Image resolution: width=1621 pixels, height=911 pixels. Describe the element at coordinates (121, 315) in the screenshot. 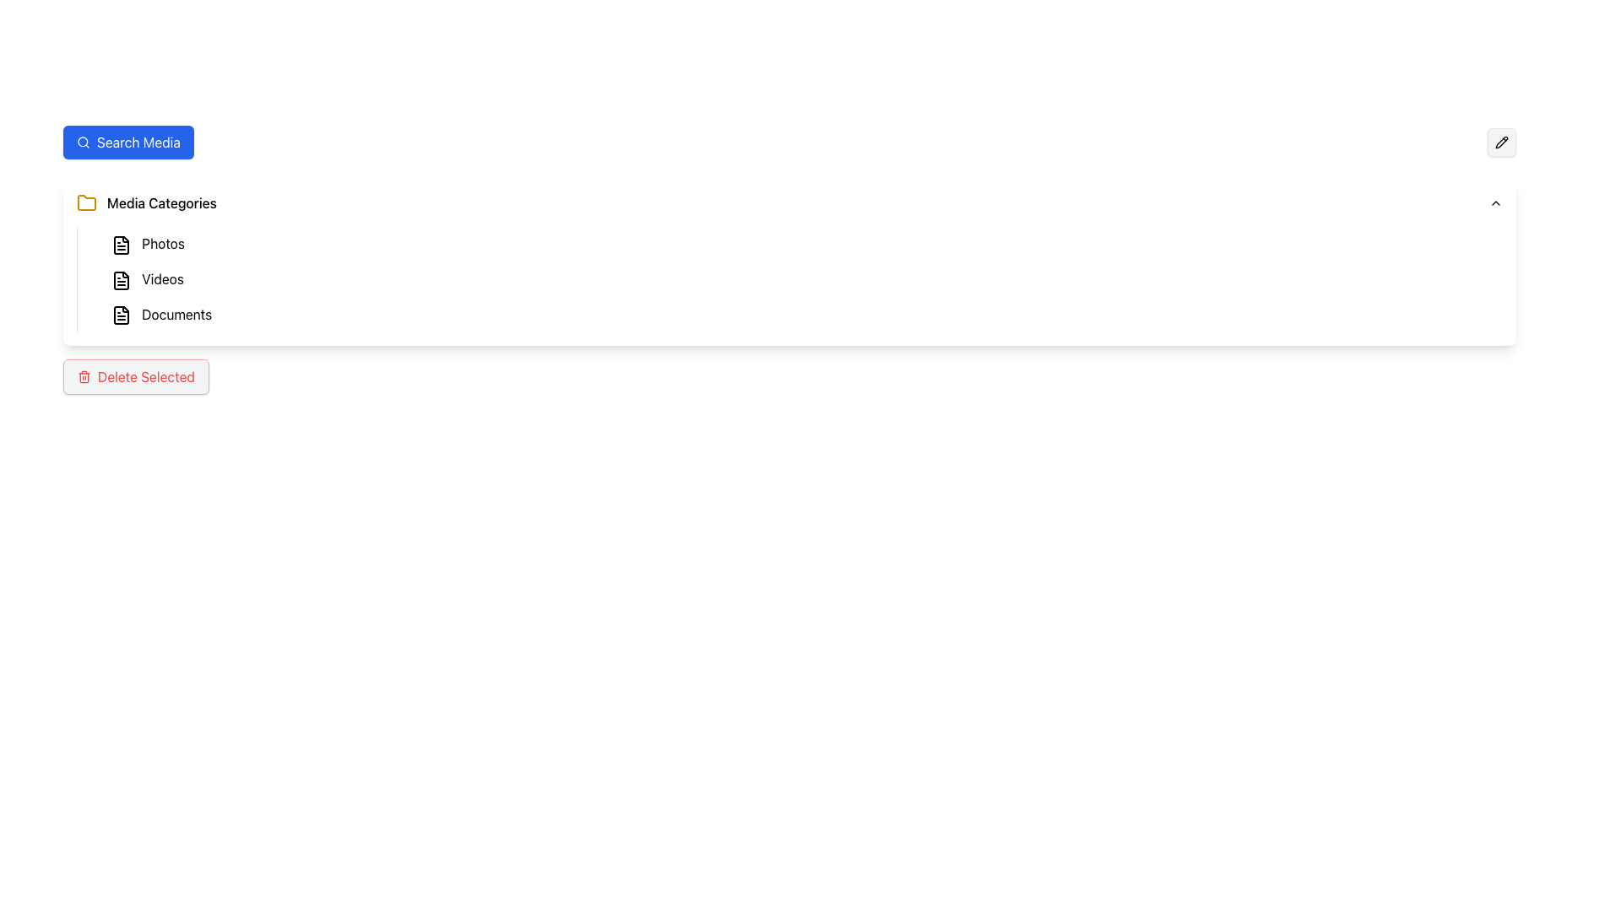

I see `the first SVG icon representing the 'Documents' media category in the list on the left side` at that location.